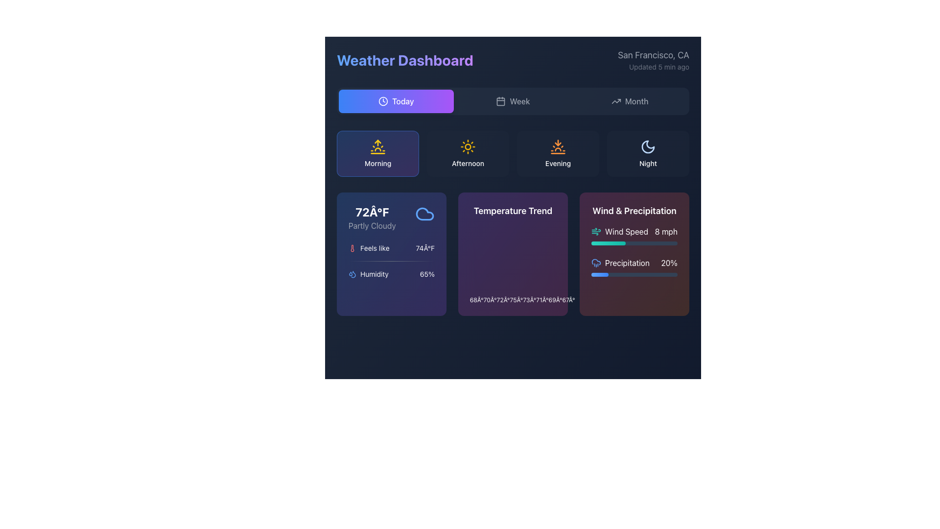 This screenshot has height=529, width=940. What do you see at coordinates (669, 262) in the screenshot?
I see `the Text Label displaying precipitation probability, located at the bottom-right corner of the 'Wind & Precipitation' section` at bounding box center [669, 262].